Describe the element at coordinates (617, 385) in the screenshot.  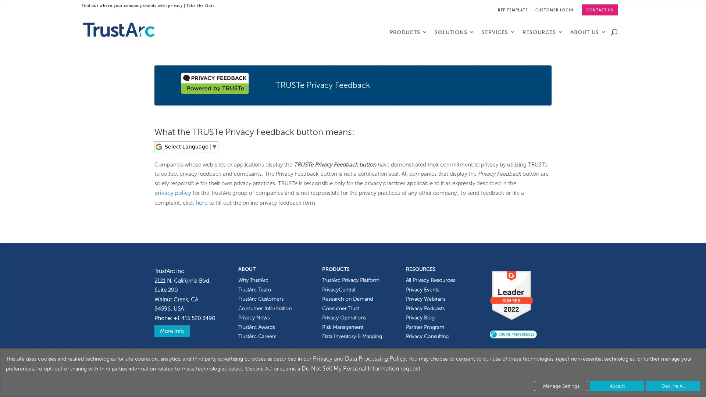
I see `Accept` at that location.